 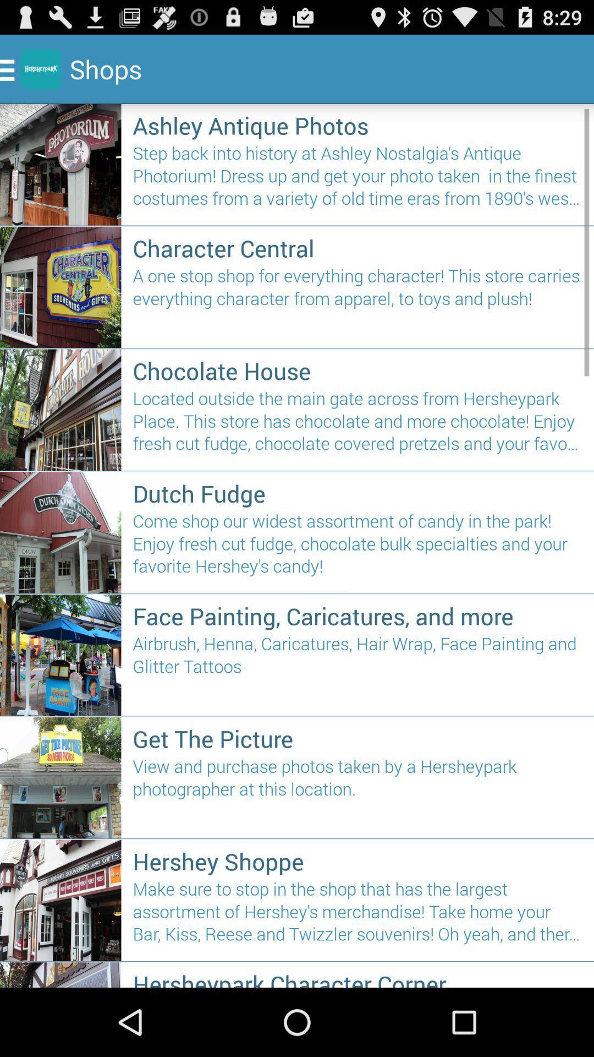 What do you see at coordinates (358, 371) in the screenshot?
I see `chocolate house icon` at bounding box center [358, 371].